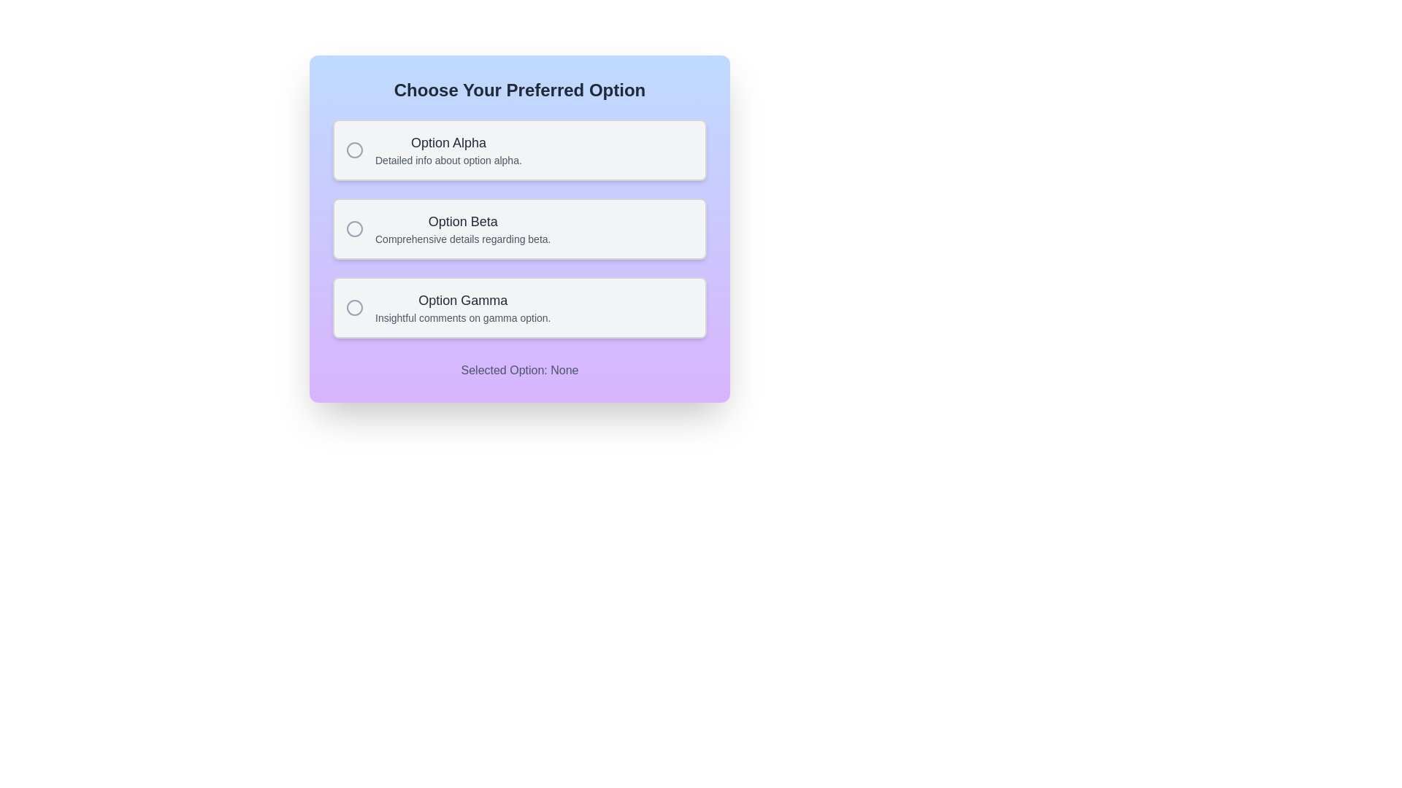 The image size is (1402, 788). I want to click on descriptive label text within the topmost card of the vertical stack of cards, which is identified by its position and the presence of a circular button preceding the text, so click(448, 150).